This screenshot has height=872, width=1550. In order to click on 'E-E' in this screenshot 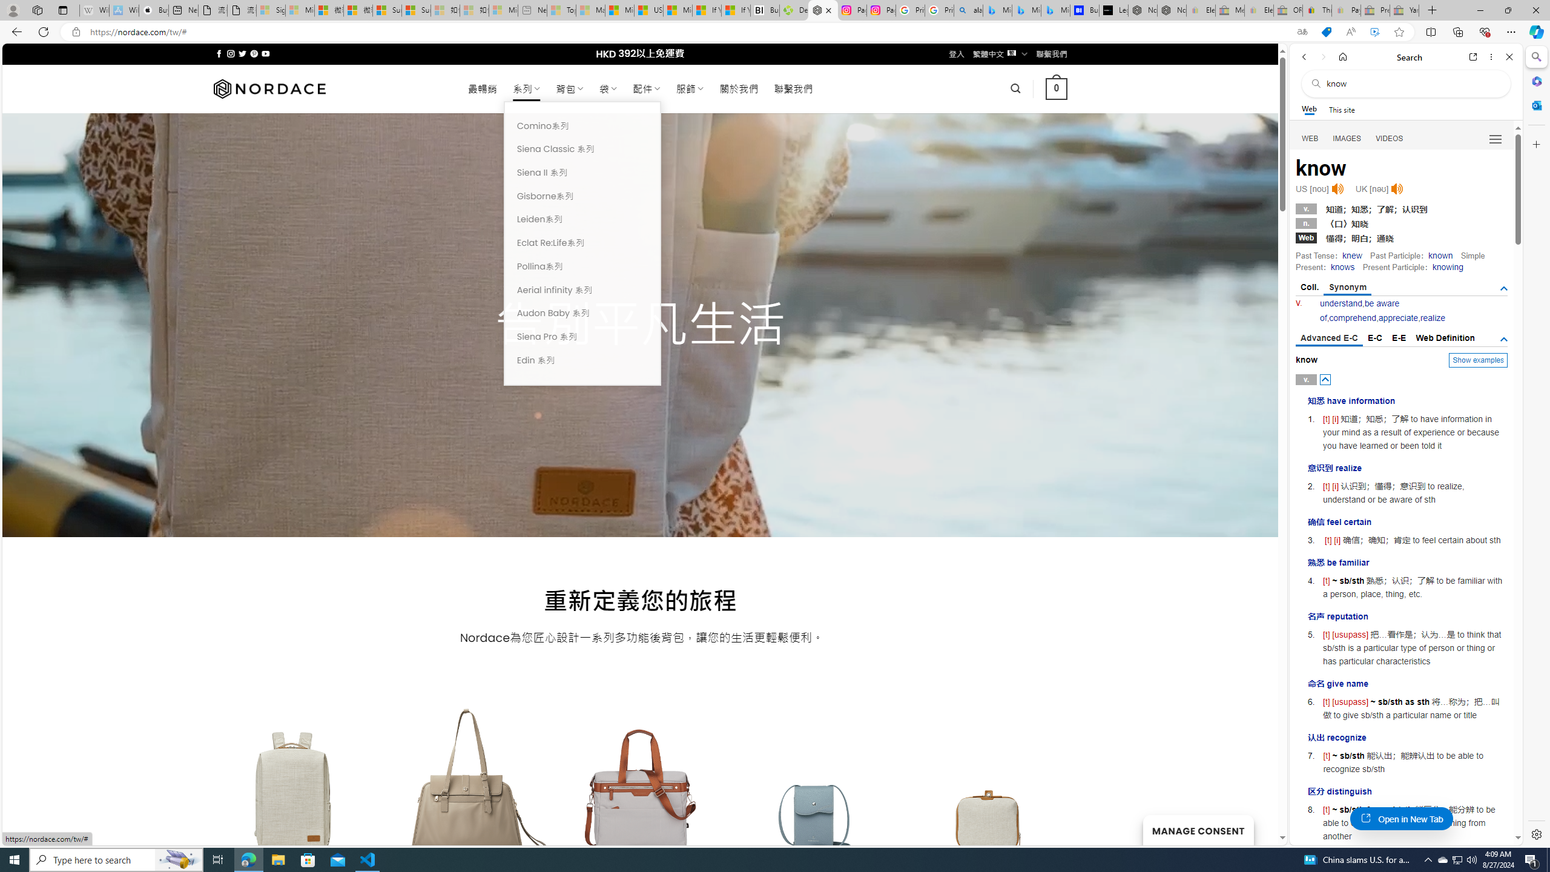, I will do `click(1399, 338)`.